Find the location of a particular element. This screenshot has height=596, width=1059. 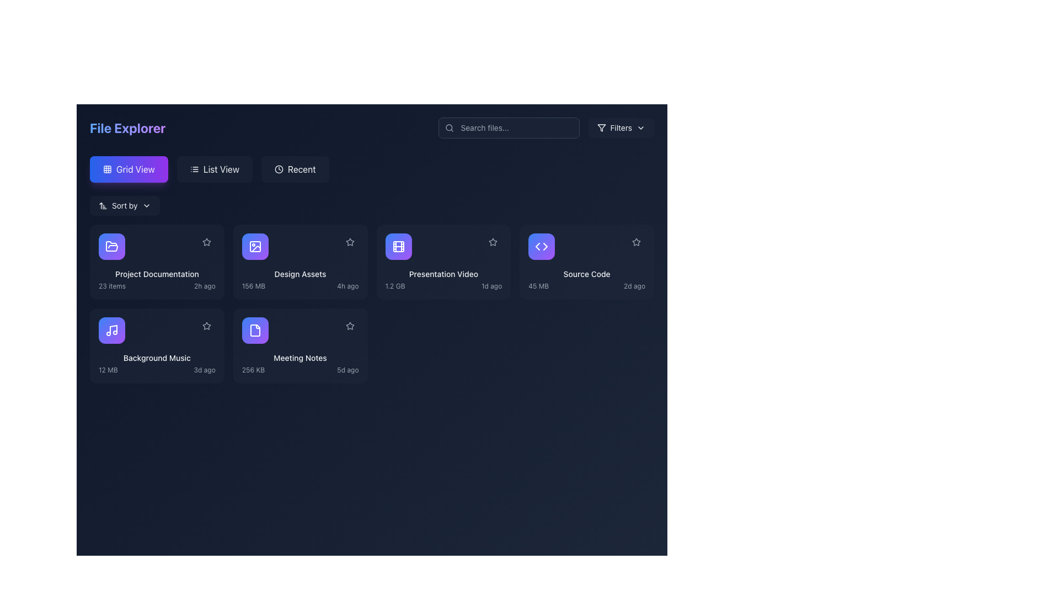

the icon button representing 'Project Documentation' located at the top-left corner of the corresponding card to interact with the associated item is located at coordinates (111, 246).